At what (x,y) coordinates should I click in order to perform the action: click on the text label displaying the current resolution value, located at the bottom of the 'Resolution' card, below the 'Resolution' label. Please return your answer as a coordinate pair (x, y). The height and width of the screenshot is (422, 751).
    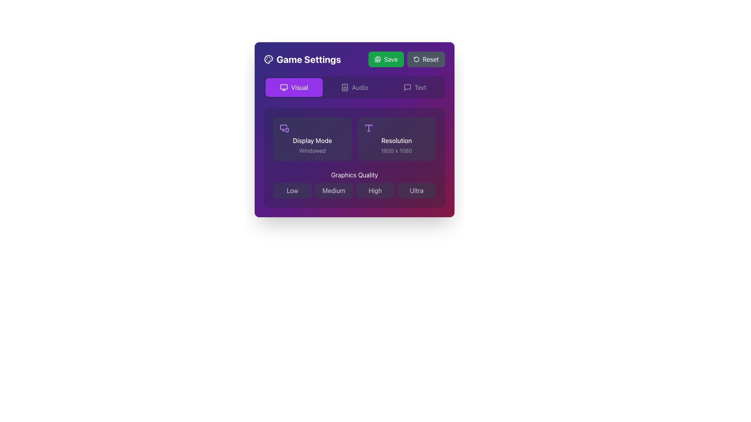
    Looking at the image, I should click on (397, 150).